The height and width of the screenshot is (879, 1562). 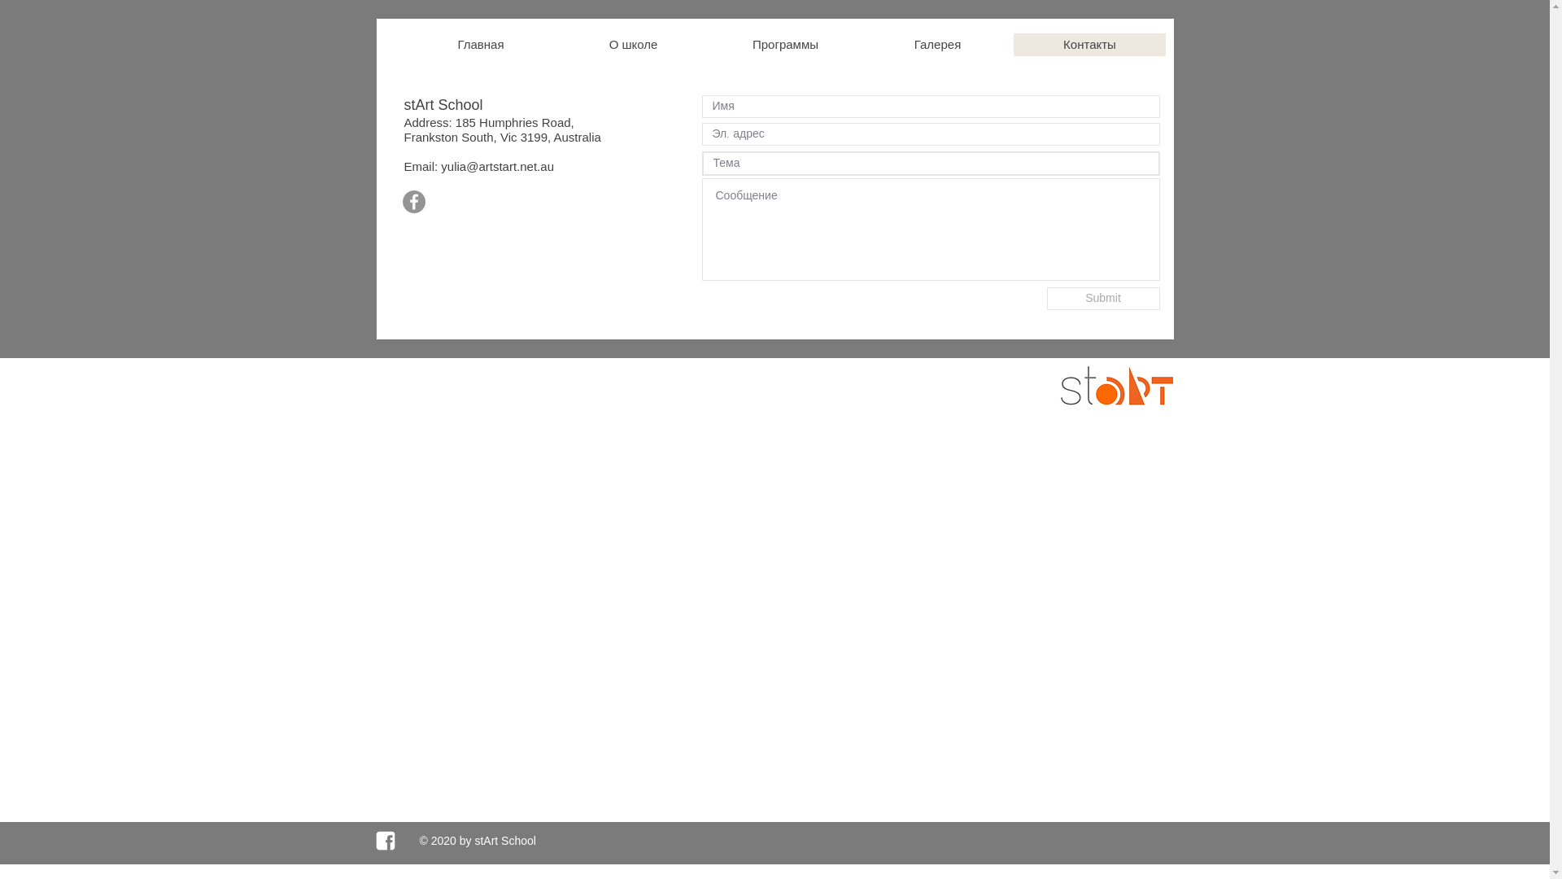 I want to click on 'yulia@artstart.net.au', so click(x=496, y=166).